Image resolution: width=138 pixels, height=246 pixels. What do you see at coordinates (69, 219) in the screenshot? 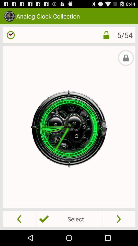
I see `the select at the bottom` at bounding box center [69, 219].